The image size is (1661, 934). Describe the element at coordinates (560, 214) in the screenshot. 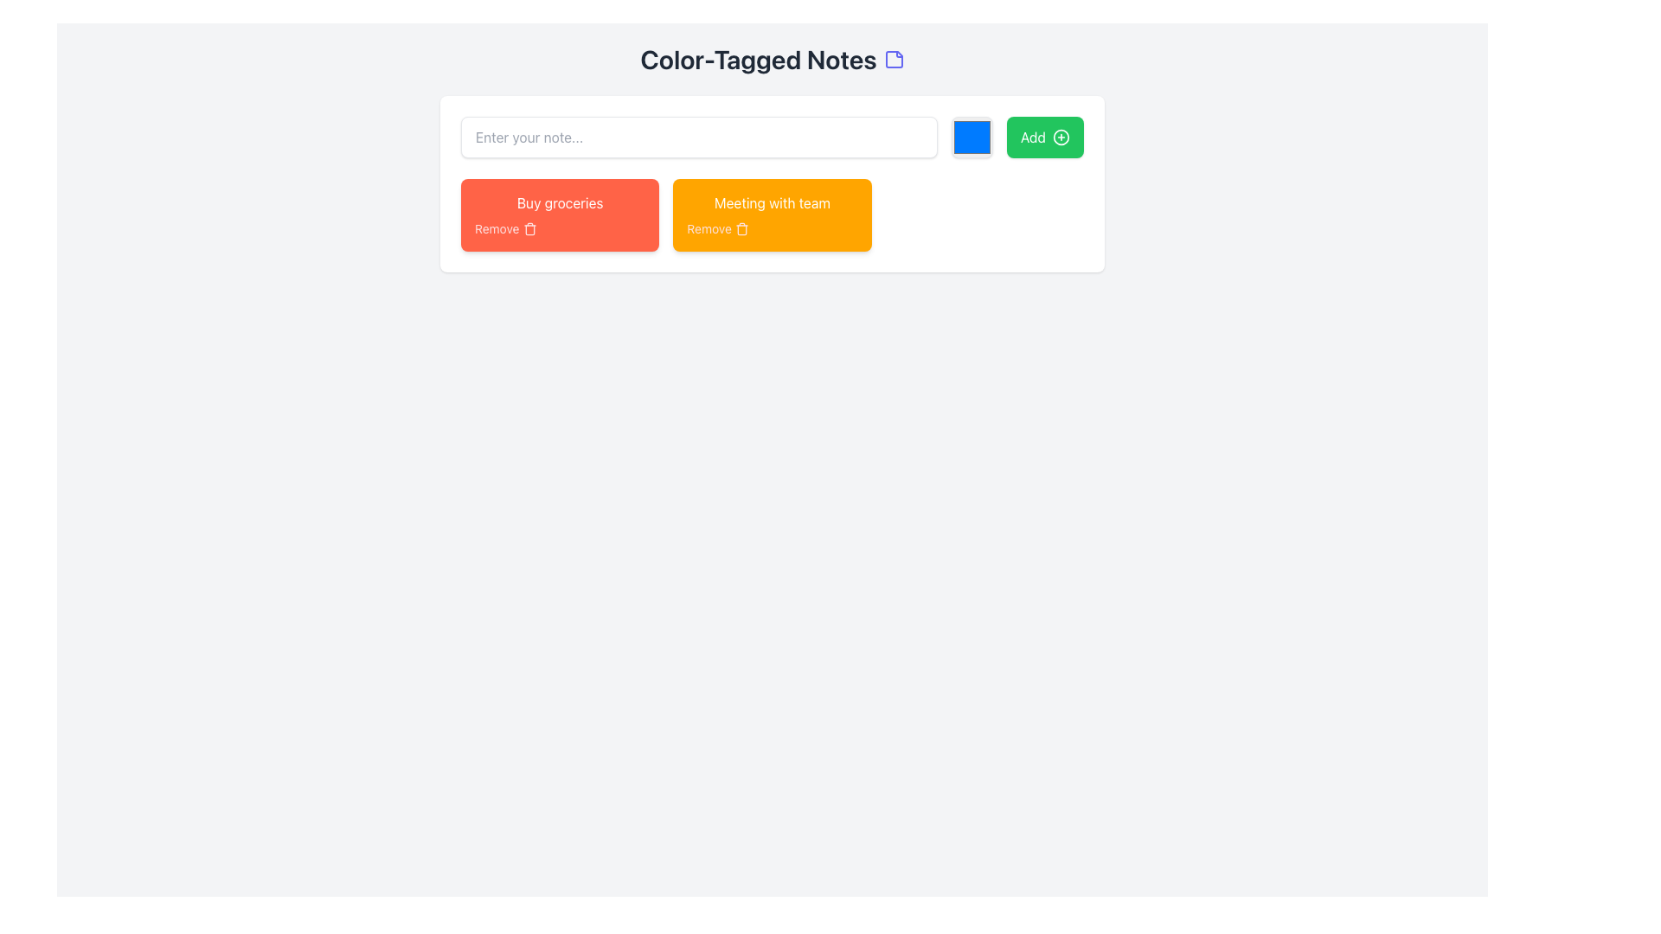

I see `task details of the 'Buy groceries' card, which is the first card in the grid layout and contains a 'Remove' button to delete the task` at that location.